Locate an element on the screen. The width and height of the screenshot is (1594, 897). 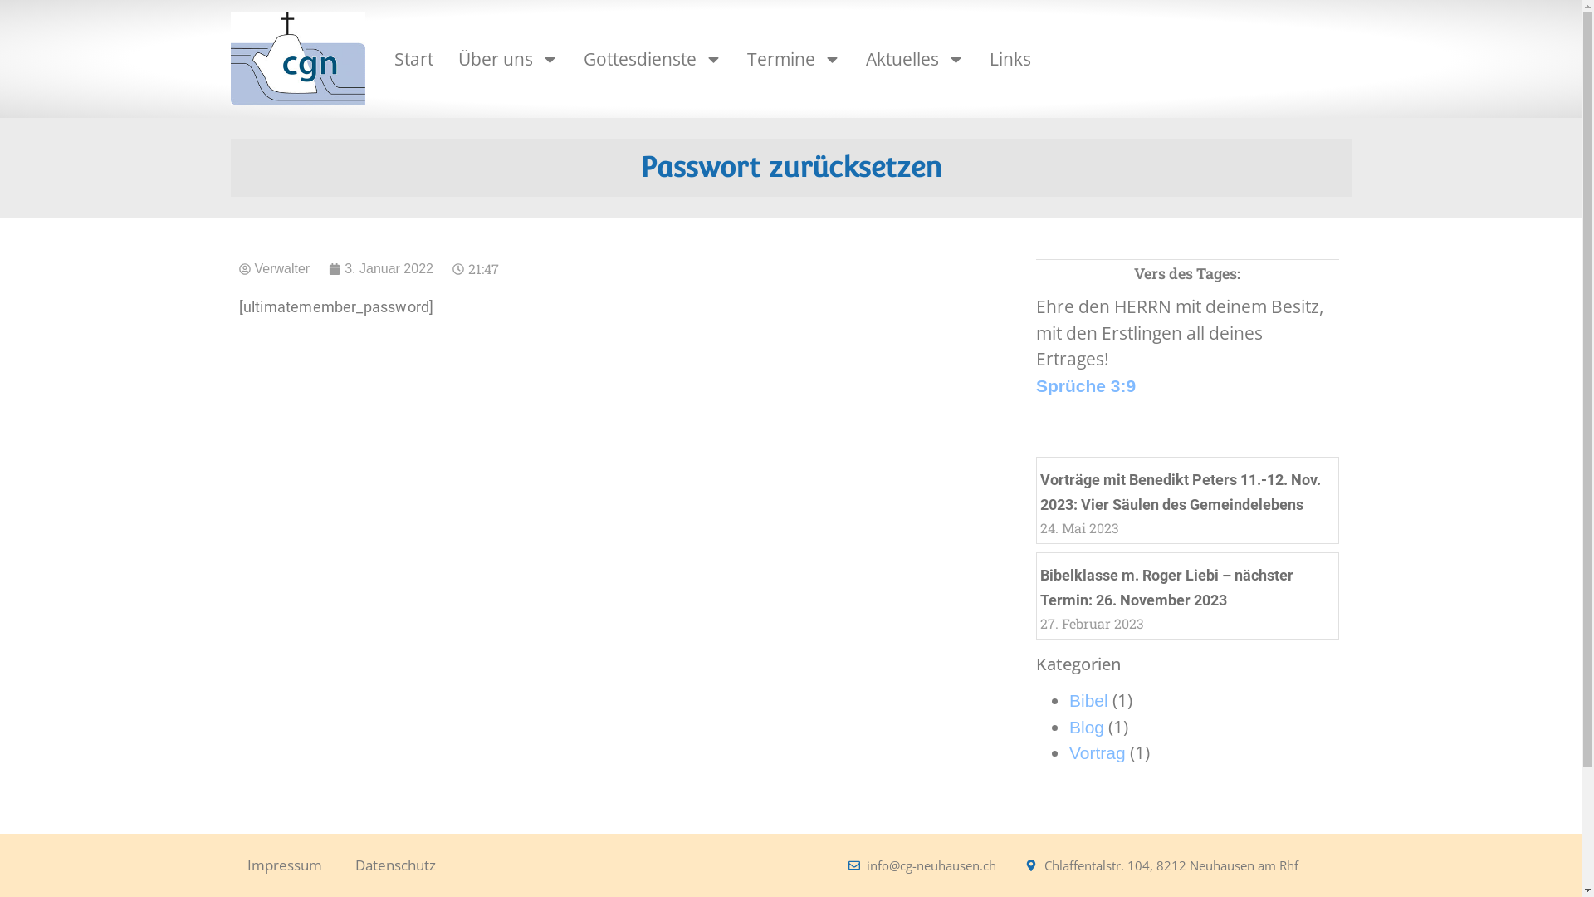
'3. Januar 2022' is located at coordinates (380, 268).